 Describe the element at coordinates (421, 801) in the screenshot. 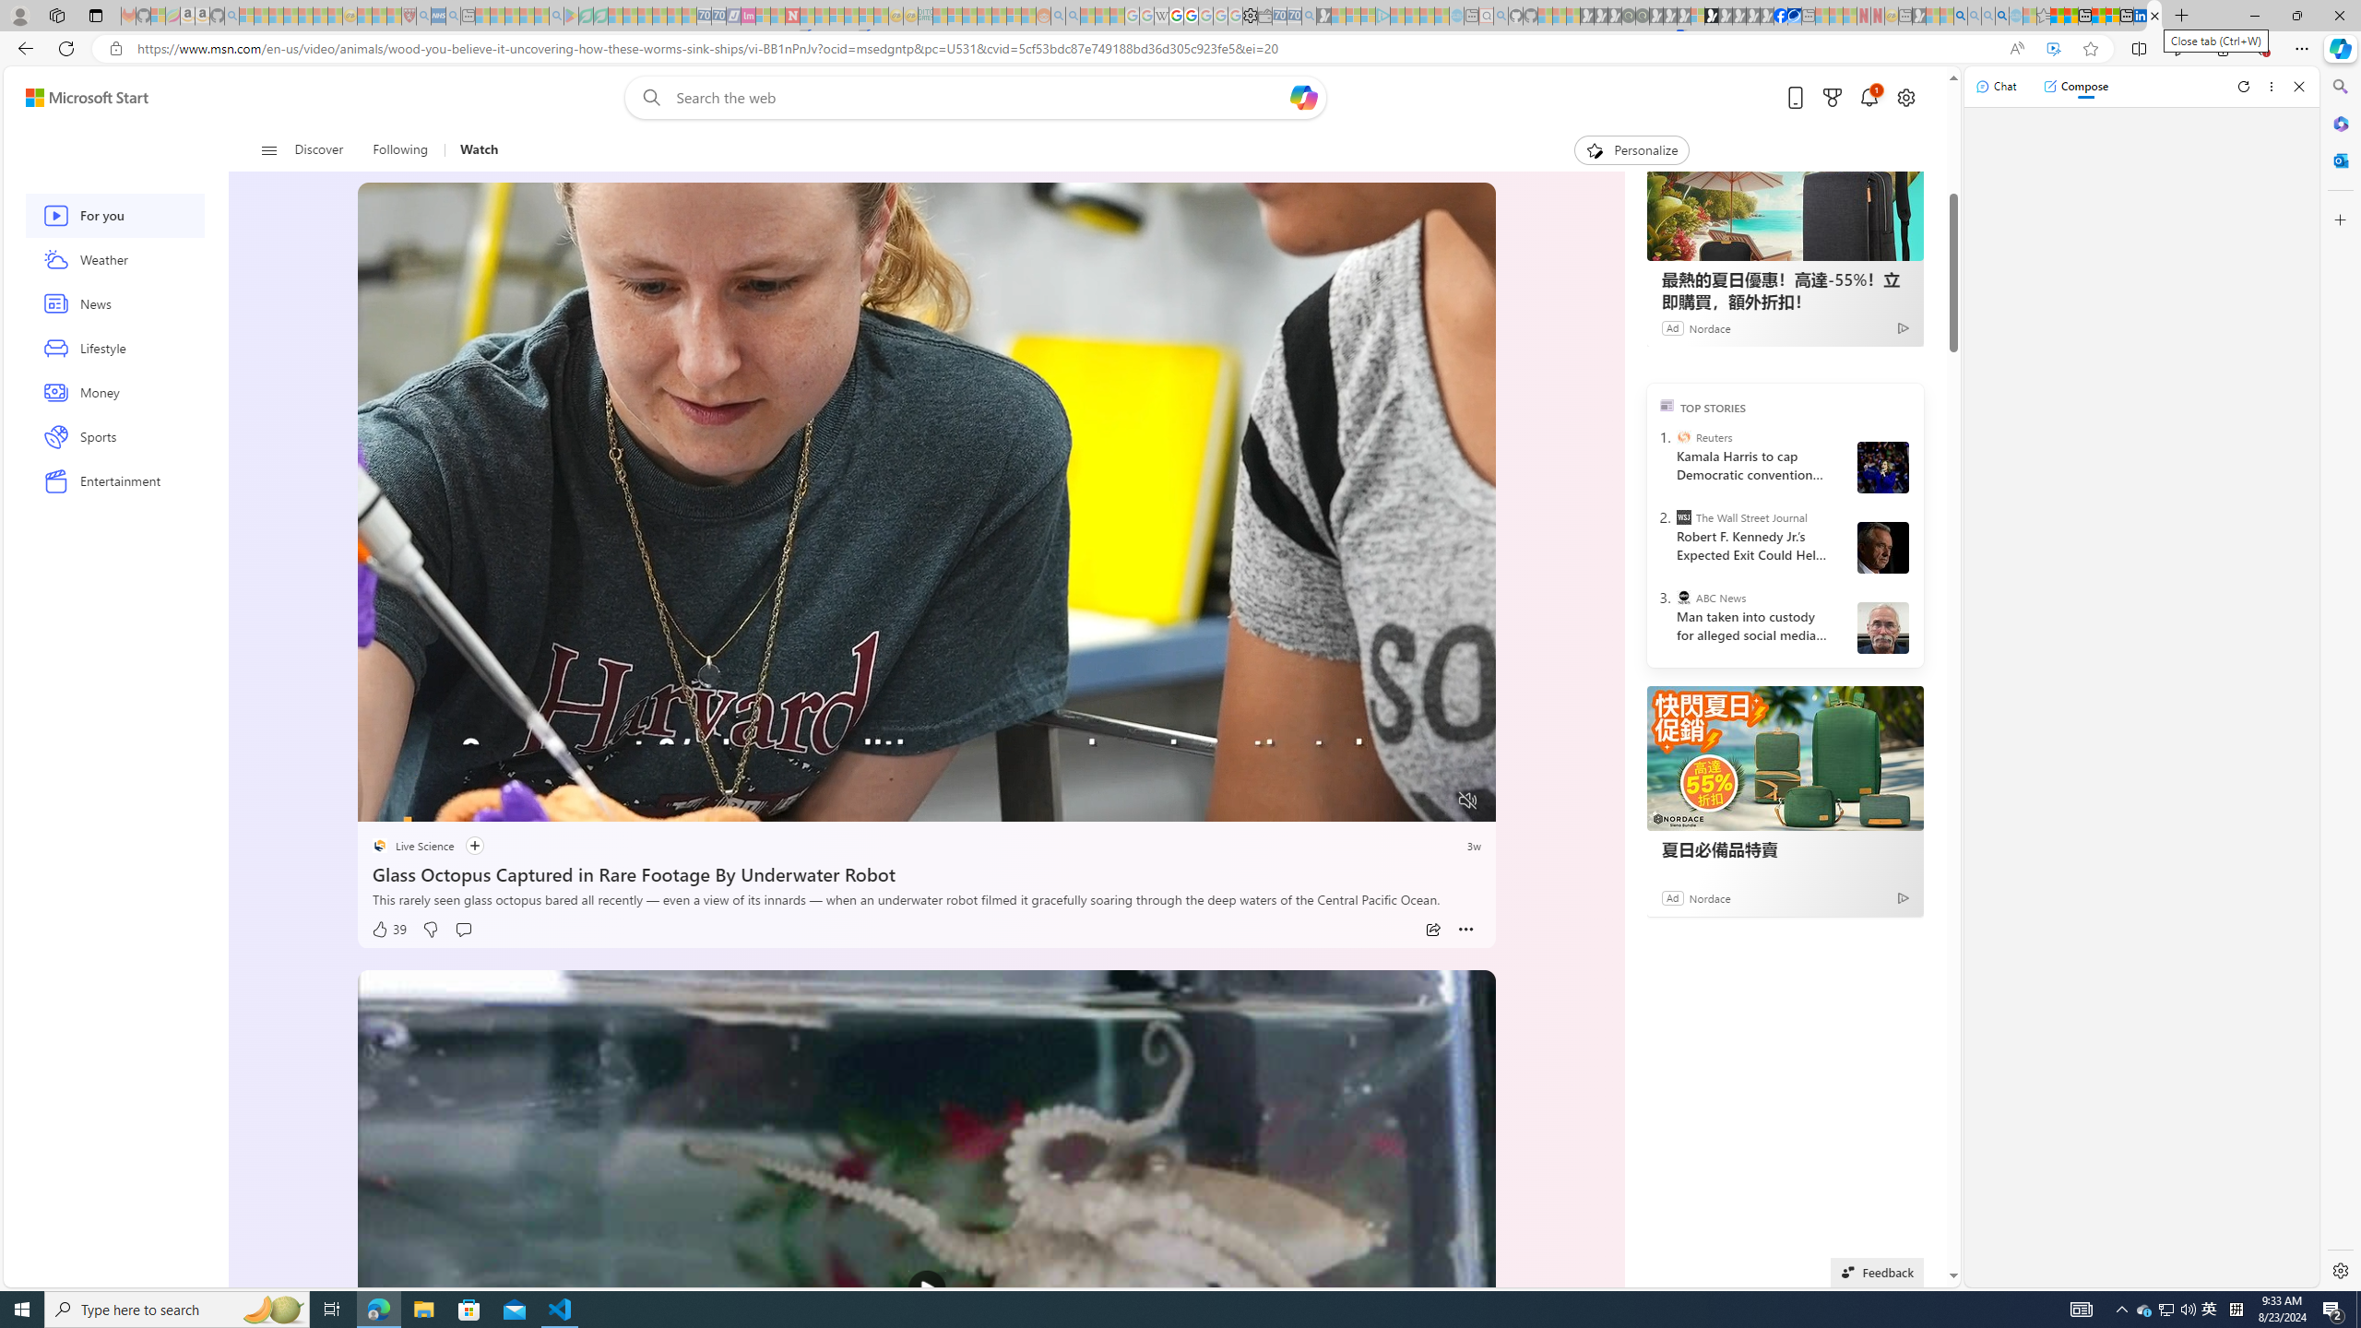

I see `'Seek Back'` at that location.